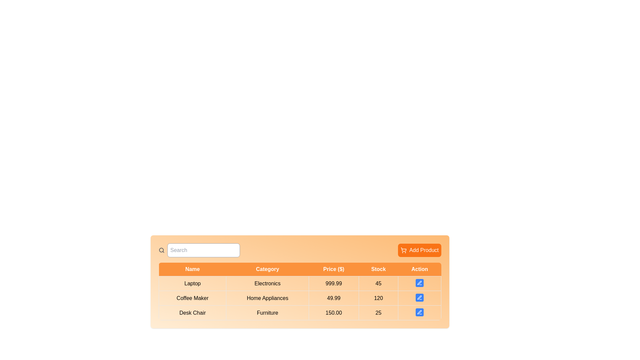 The width and height of the screenshot is (640, 360). What do you see at coordinates (419, 269) in the screenshot?
I see `text label located in the top-right corner of the table header row, which serves as the header for the fifth column, to gather information` at bounding box center [419, 269].